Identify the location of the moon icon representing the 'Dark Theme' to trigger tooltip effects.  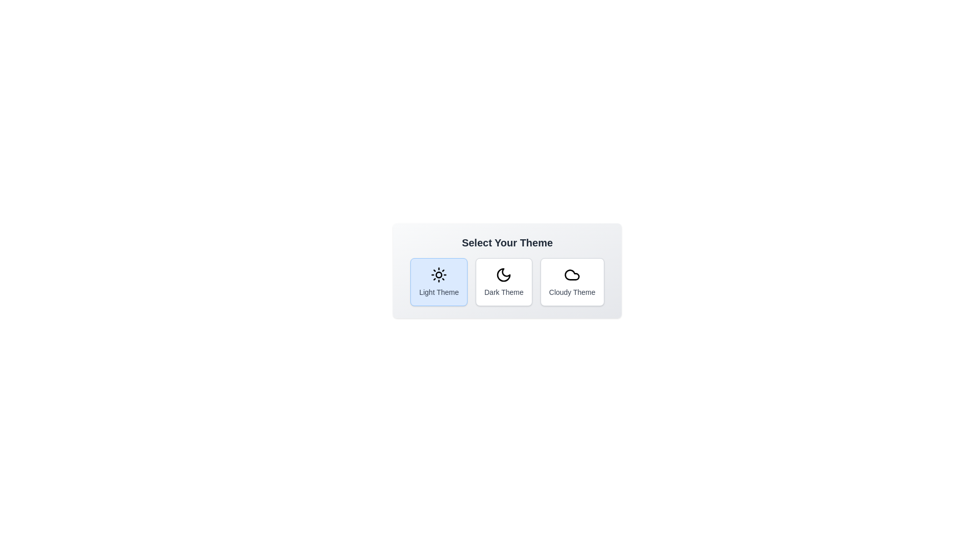
(504, 274).